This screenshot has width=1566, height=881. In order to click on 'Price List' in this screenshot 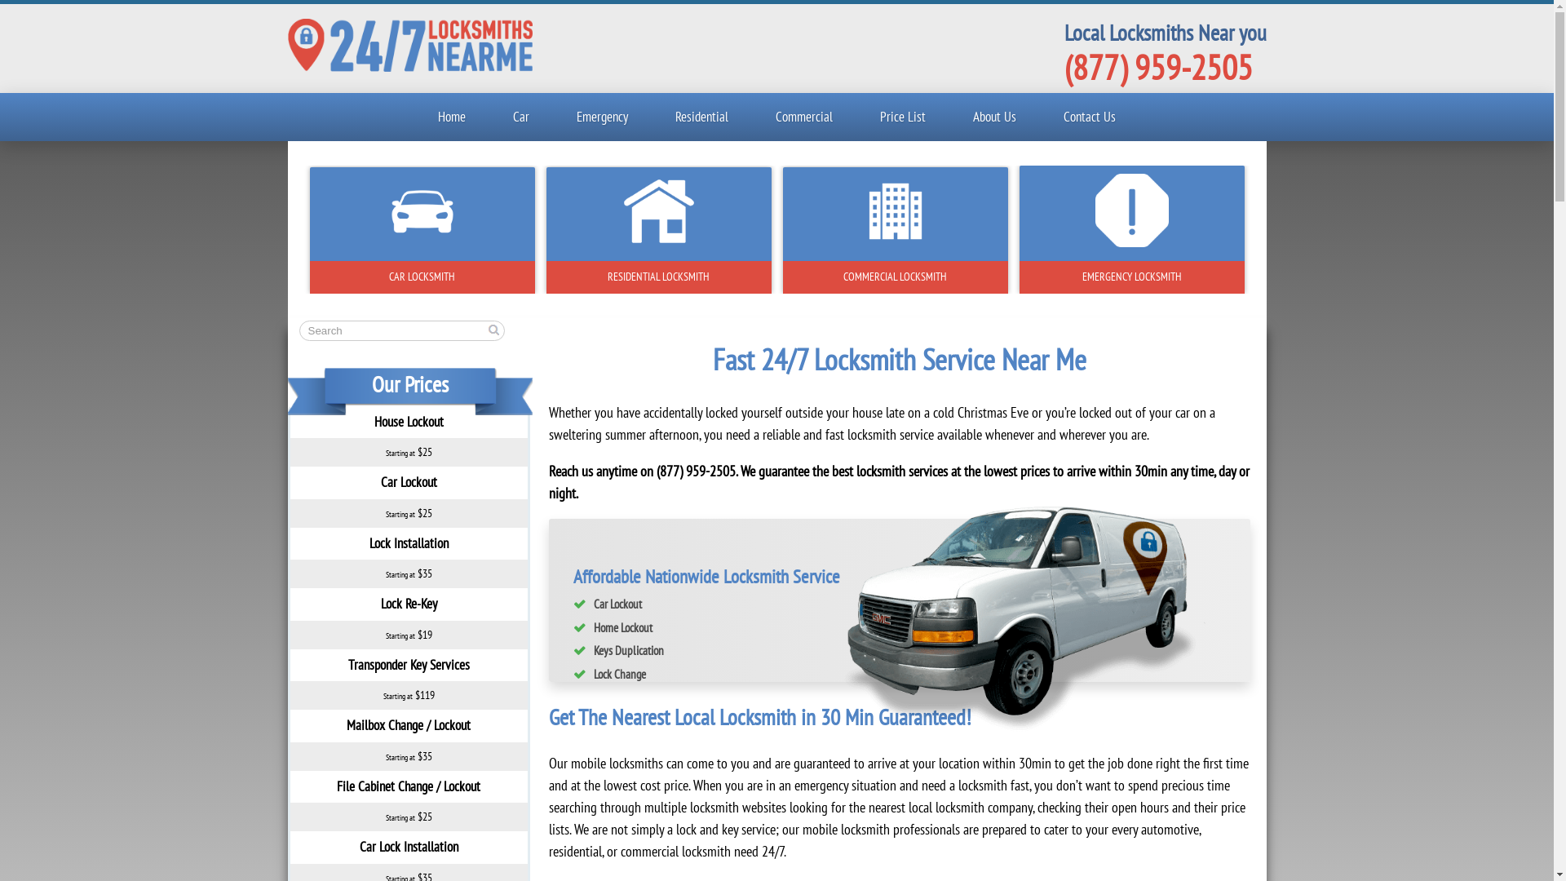, I will do `click(902, 116)`.